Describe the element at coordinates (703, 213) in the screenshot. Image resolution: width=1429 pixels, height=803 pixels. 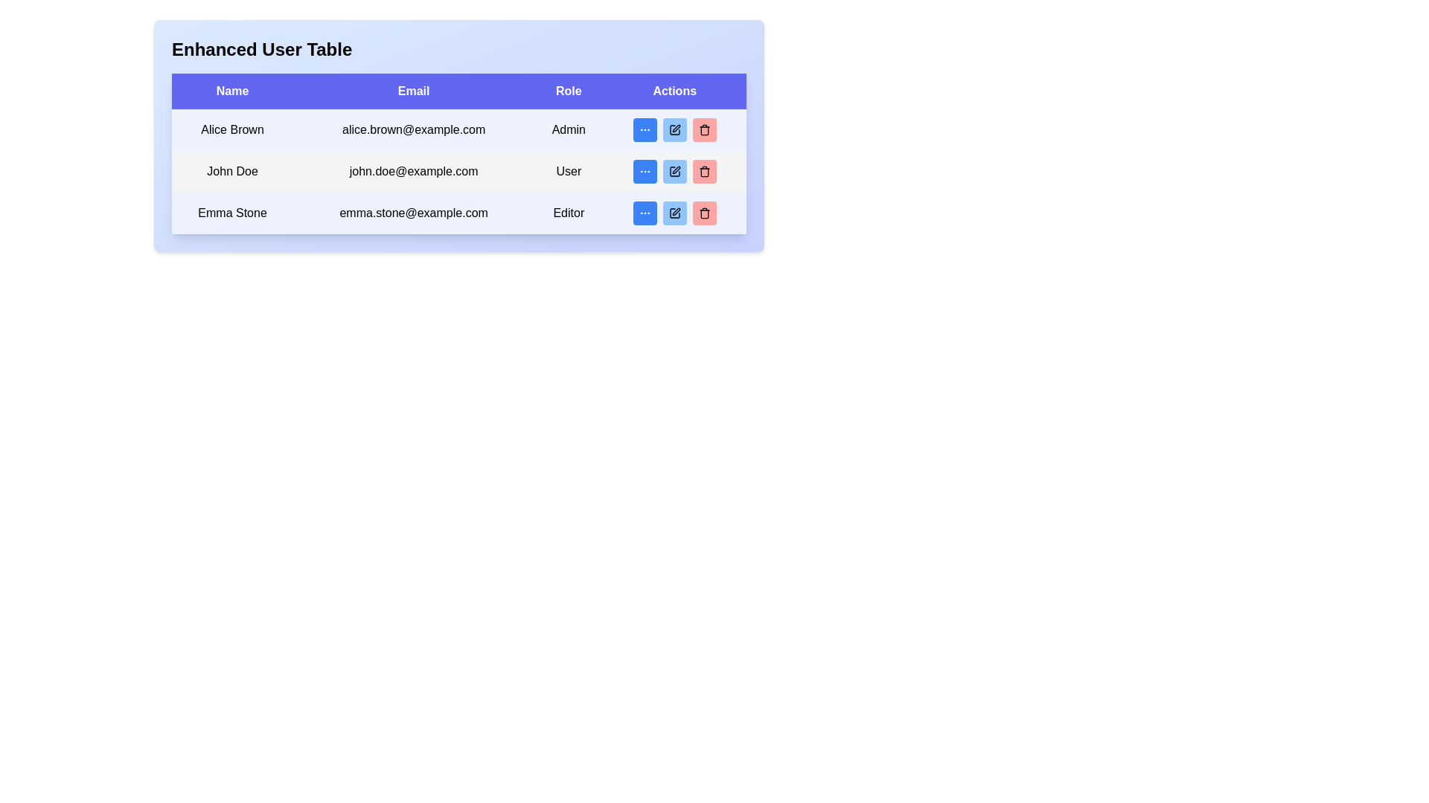
I see `the Trash Icon inside the Button associated with user 'Emma Stone' in the 'Actions' column of the third row` at that location.